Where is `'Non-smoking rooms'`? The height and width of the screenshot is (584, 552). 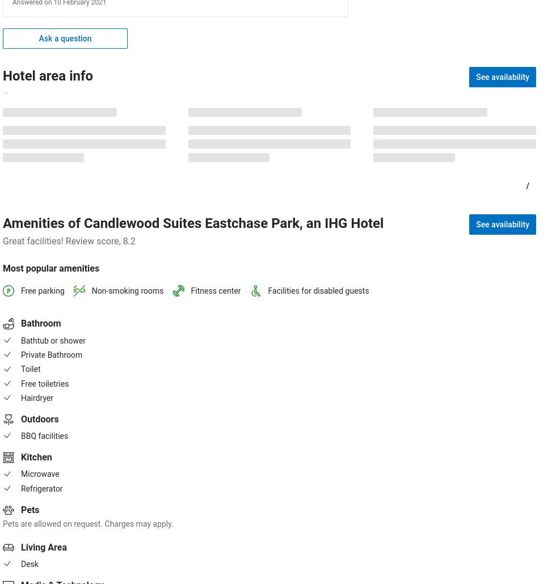 'Non-smoking rooms' is located at coordinates (91, 290).